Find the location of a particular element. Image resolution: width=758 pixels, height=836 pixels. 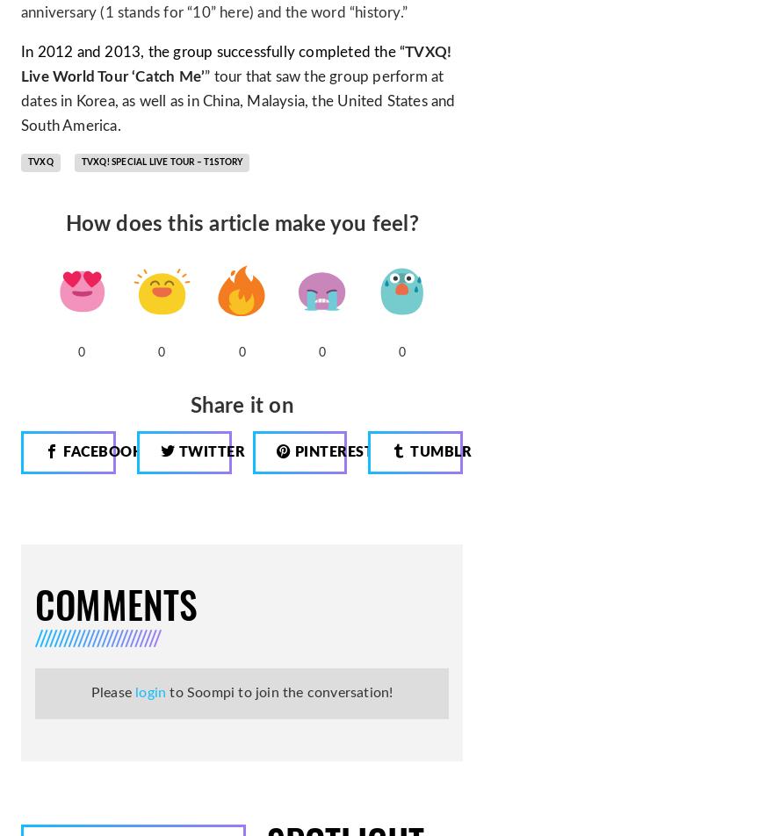

'Facebook' is located at coordinates (102, 450).